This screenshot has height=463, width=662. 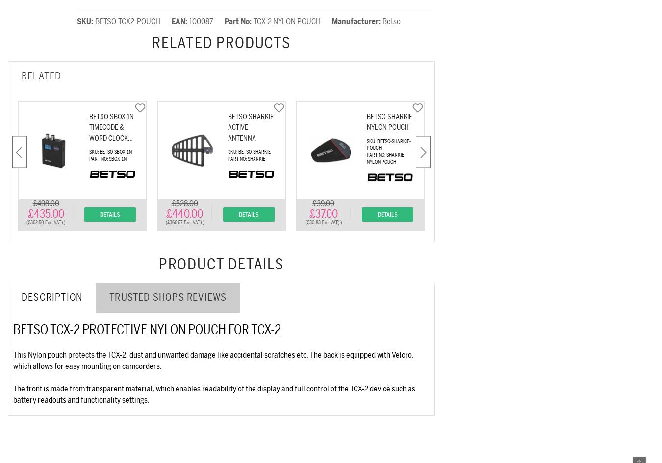 What do you see at coordinates (32, 203) in the screenshot?
I see `'£498.00'` at bounding box center [32, 203].